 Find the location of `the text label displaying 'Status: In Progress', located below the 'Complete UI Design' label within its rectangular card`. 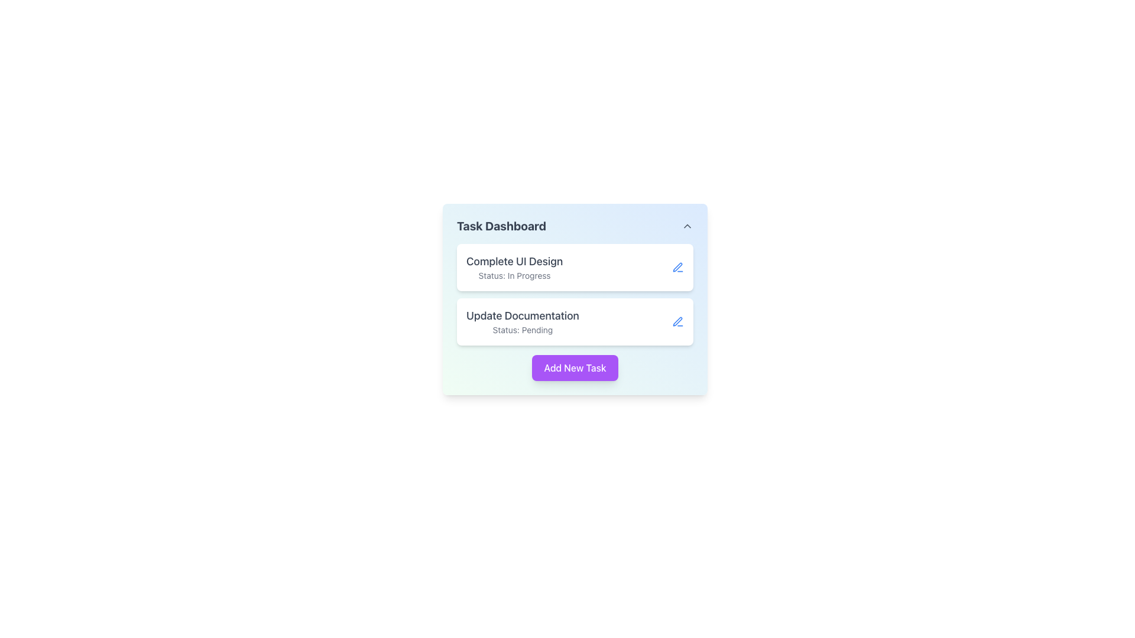

the text label displaying 'Status: In Progress', located below the 'Complete UI Design' label within its rectangular card is located at coordinates (514, 275).